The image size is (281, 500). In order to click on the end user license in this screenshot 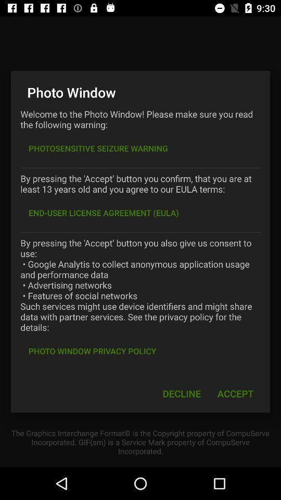, I will do `click(104, 212)`.